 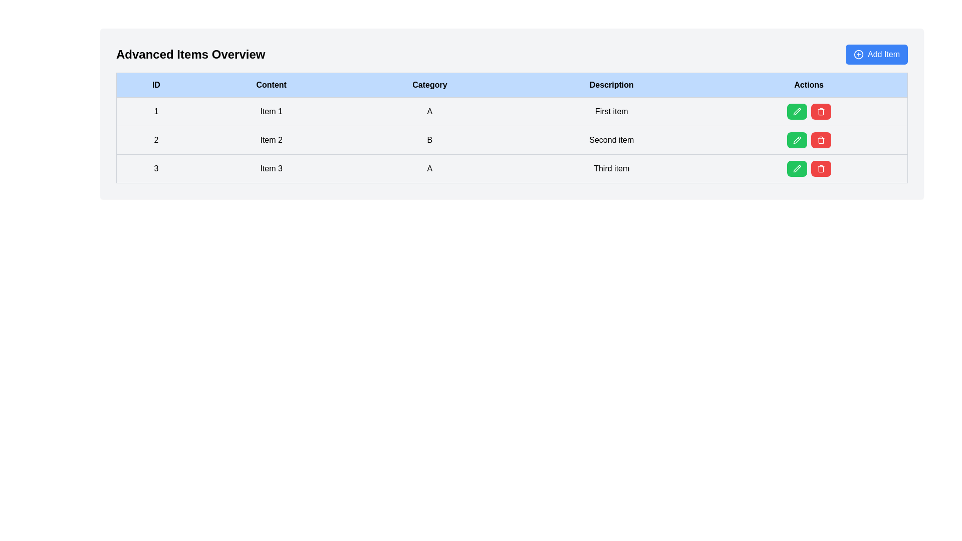 I want to click on the red button with a white trash can icon located in the 'Actions' column of the table, so click(x=821, y=112).